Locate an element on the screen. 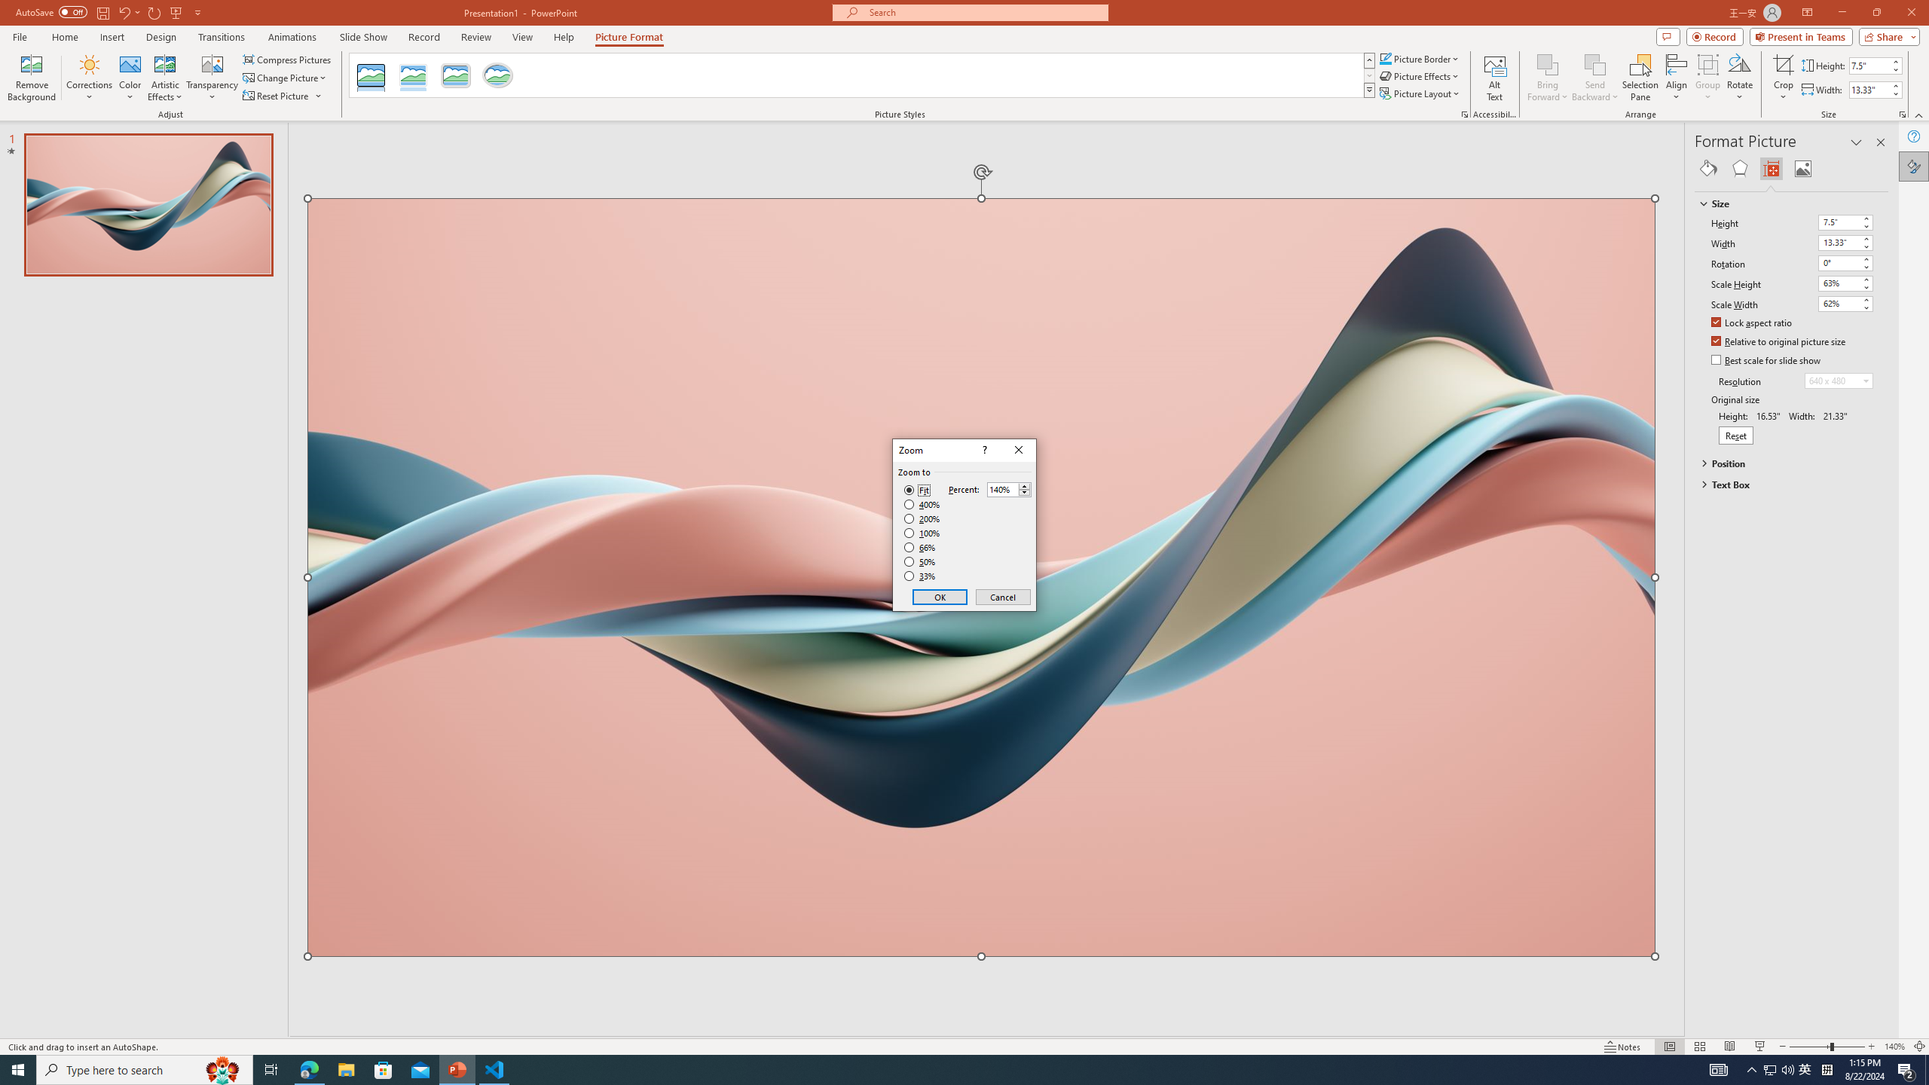  'Fit' is located at coordinates (916, 491).